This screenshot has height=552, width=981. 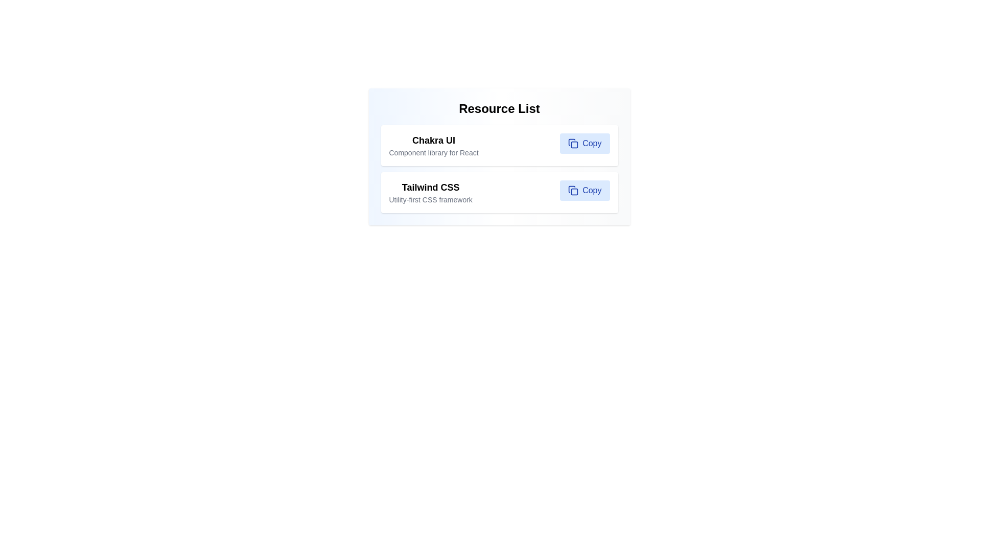 What do you see at coordinates (585, 144) in the screenshot?
I see `the copy button located at the top-right corner of the 'Chakra UI' card, below the 'Resource List' title` at bounding box center [585, 144].